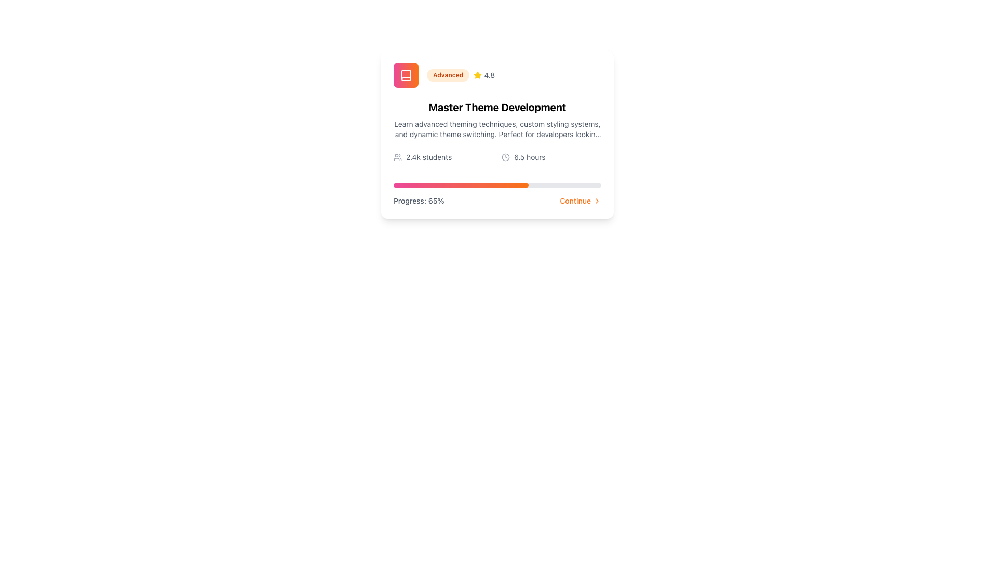 Image resolution: width=997 pixels, height=561 pixels. Describe the element at coordinates (506, 157) in the screenshot. I see `the circular SVG graphical component that represents a clock motif, located in the 'Details' section near the course duration text ('6.5 hours')` at that location.